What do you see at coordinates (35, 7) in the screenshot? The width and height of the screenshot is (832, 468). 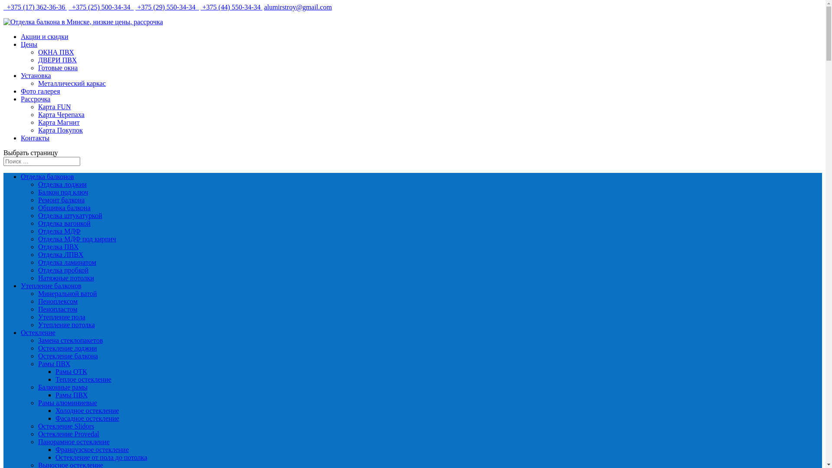 I see `'  +375 (17) 362-36-36 '` at bounding box center [35, 7].